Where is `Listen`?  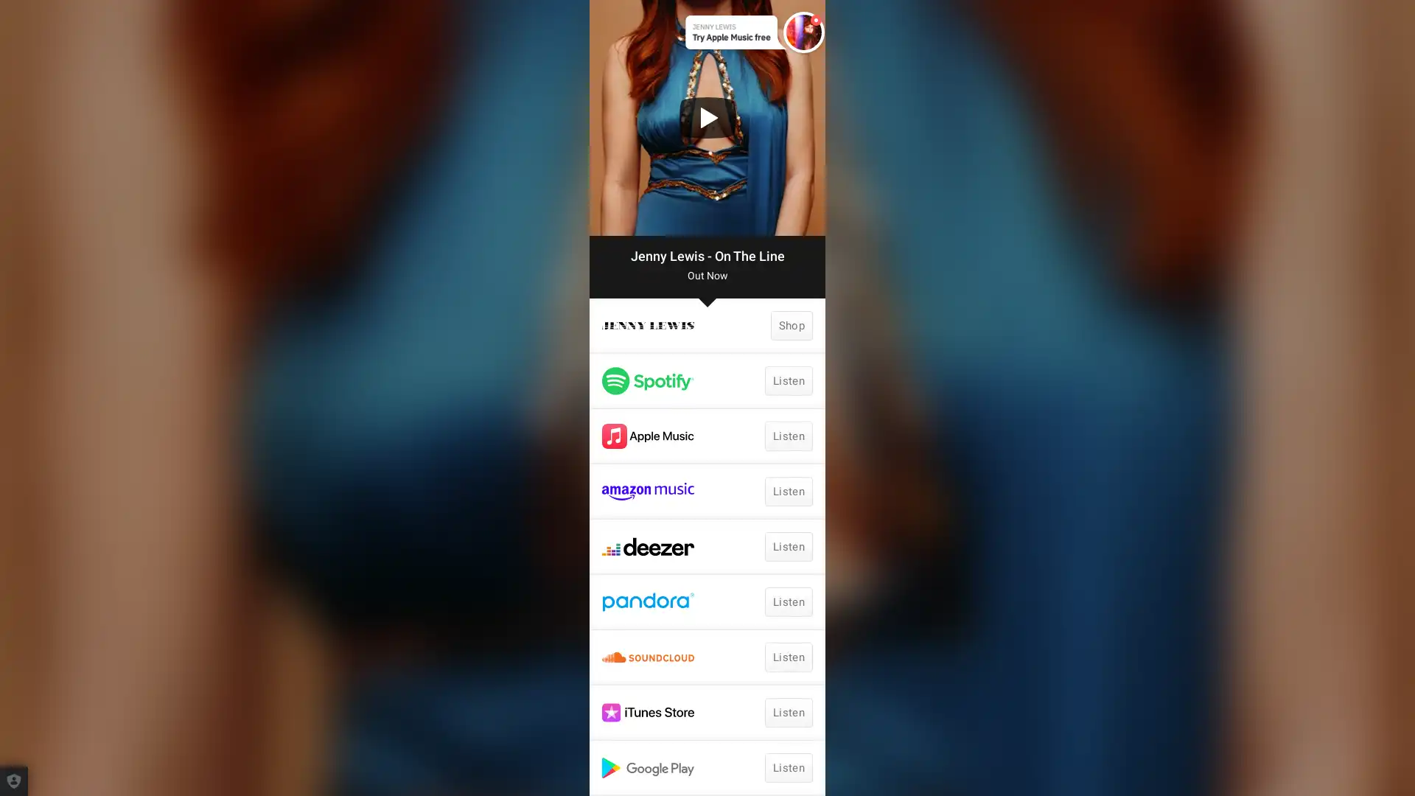
Listen is located at coordinates (788, 602).